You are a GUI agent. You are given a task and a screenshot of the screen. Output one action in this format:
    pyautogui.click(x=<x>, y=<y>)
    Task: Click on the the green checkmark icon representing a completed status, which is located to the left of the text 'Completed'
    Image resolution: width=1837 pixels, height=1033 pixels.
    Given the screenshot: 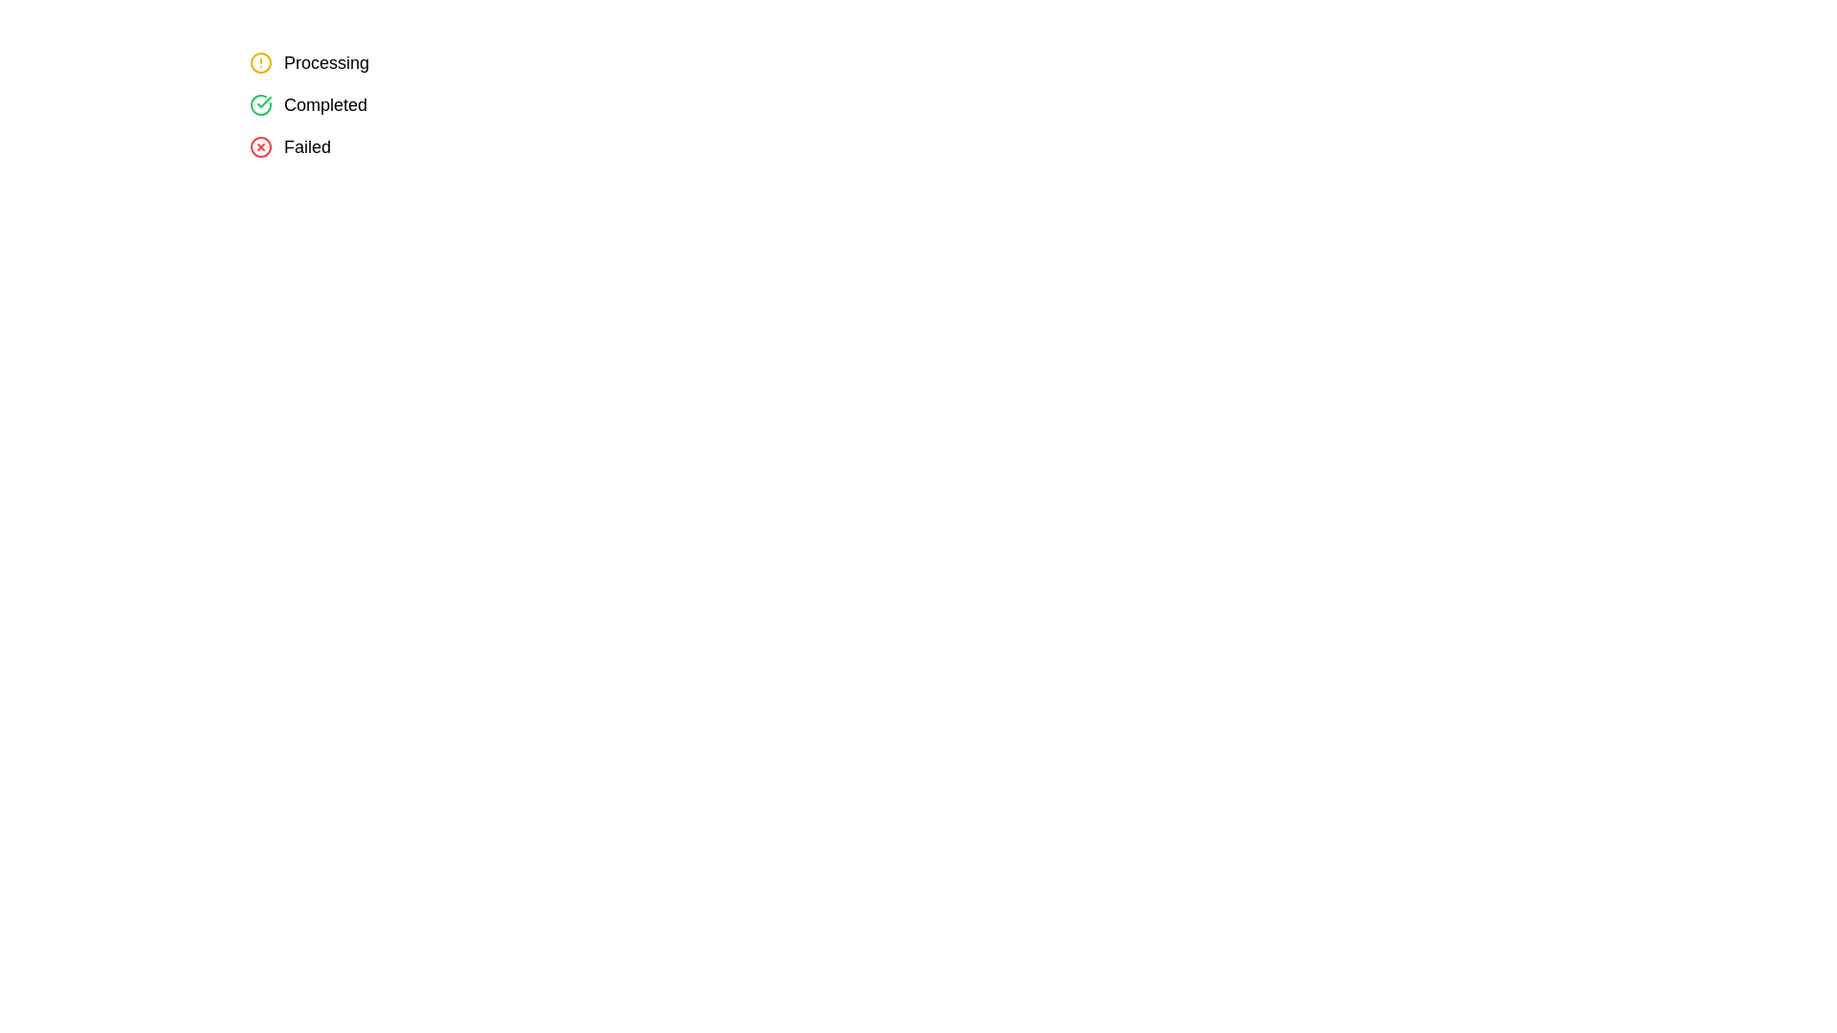 What is the action you would take?
    pyautogui.click(x=260, y=105)
    